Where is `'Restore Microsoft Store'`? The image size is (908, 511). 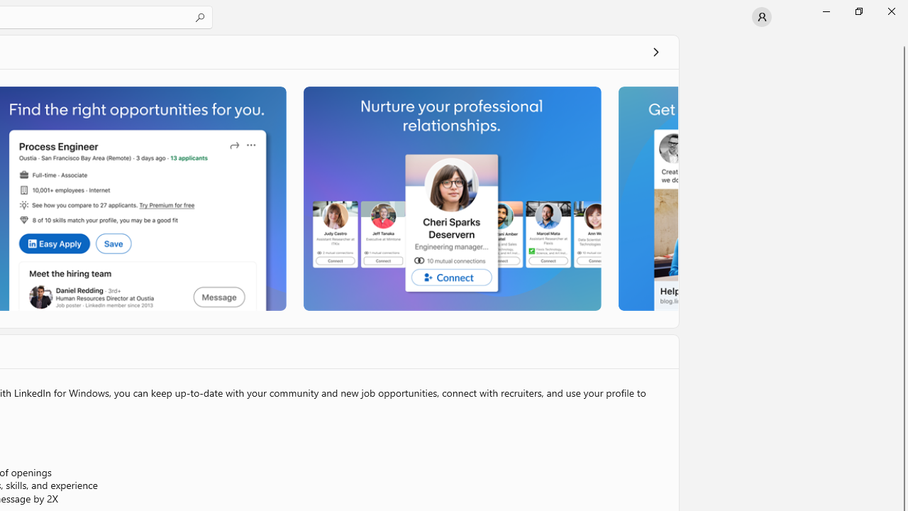 'Restore Microsoft Store' is located at coordinates (858, 11).